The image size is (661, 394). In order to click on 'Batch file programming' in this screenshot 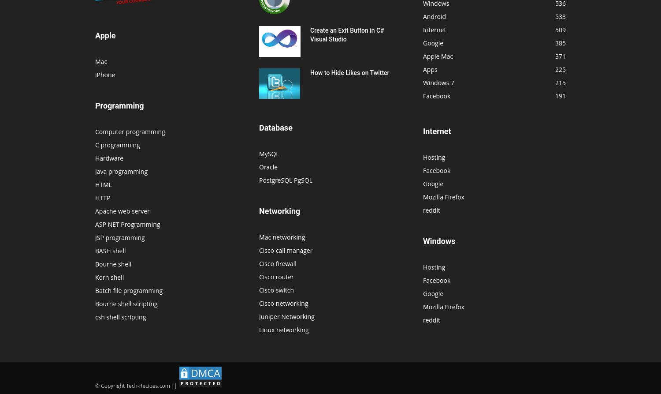, I will do `click(129, 290)`.